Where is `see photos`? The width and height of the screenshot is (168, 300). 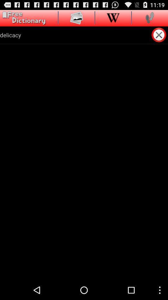 see photos is located at coordinates (77, 17).